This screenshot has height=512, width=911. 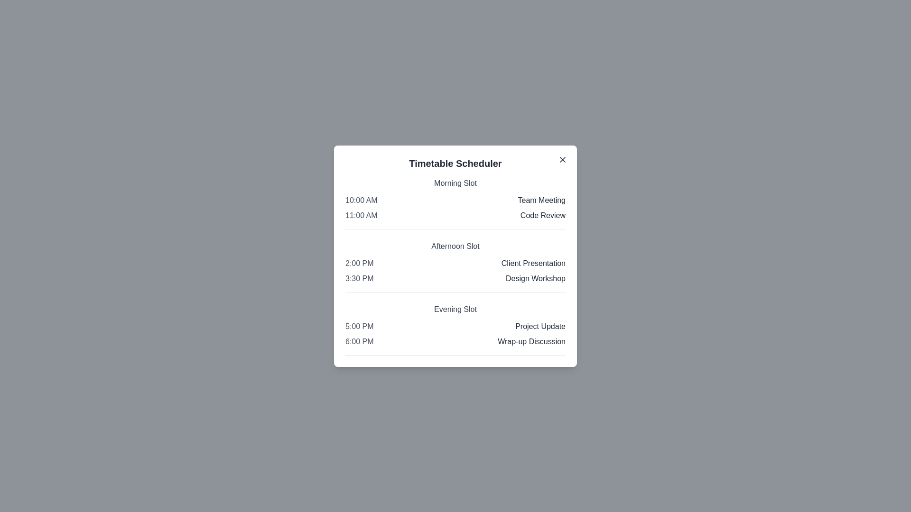 I want to click on the event time 5:00 PM to select it, so click(x=359, y=326).